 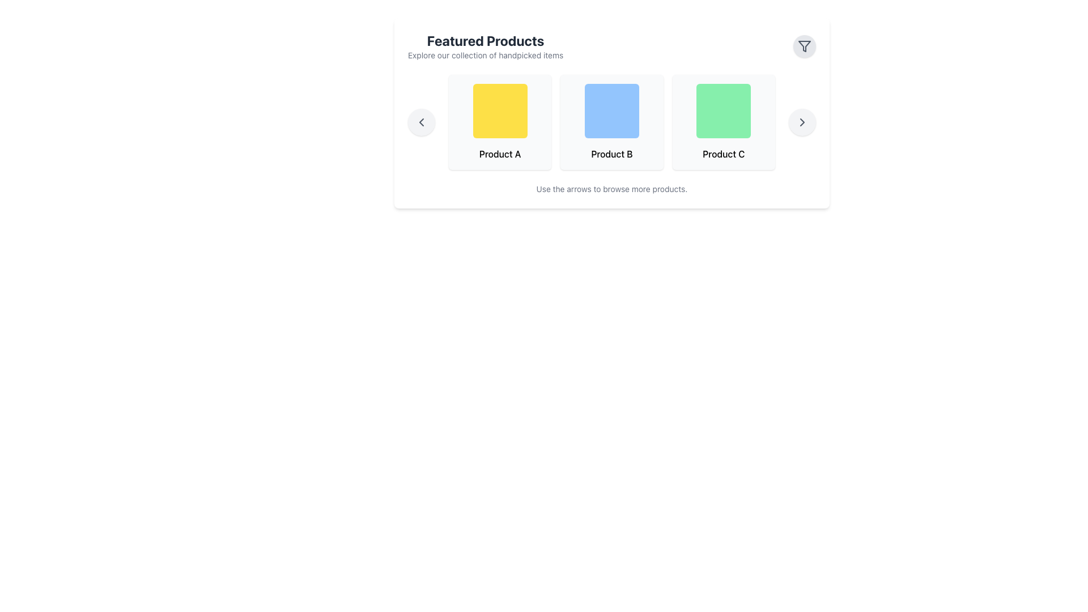 What do you see at coordinates (486, 45) in the screenshot?
I see `the TextBlock that displays the bold header 'Featured Products' and the subtext 'Explore our collection of handpicked items'` at bounding box center [486, 45].